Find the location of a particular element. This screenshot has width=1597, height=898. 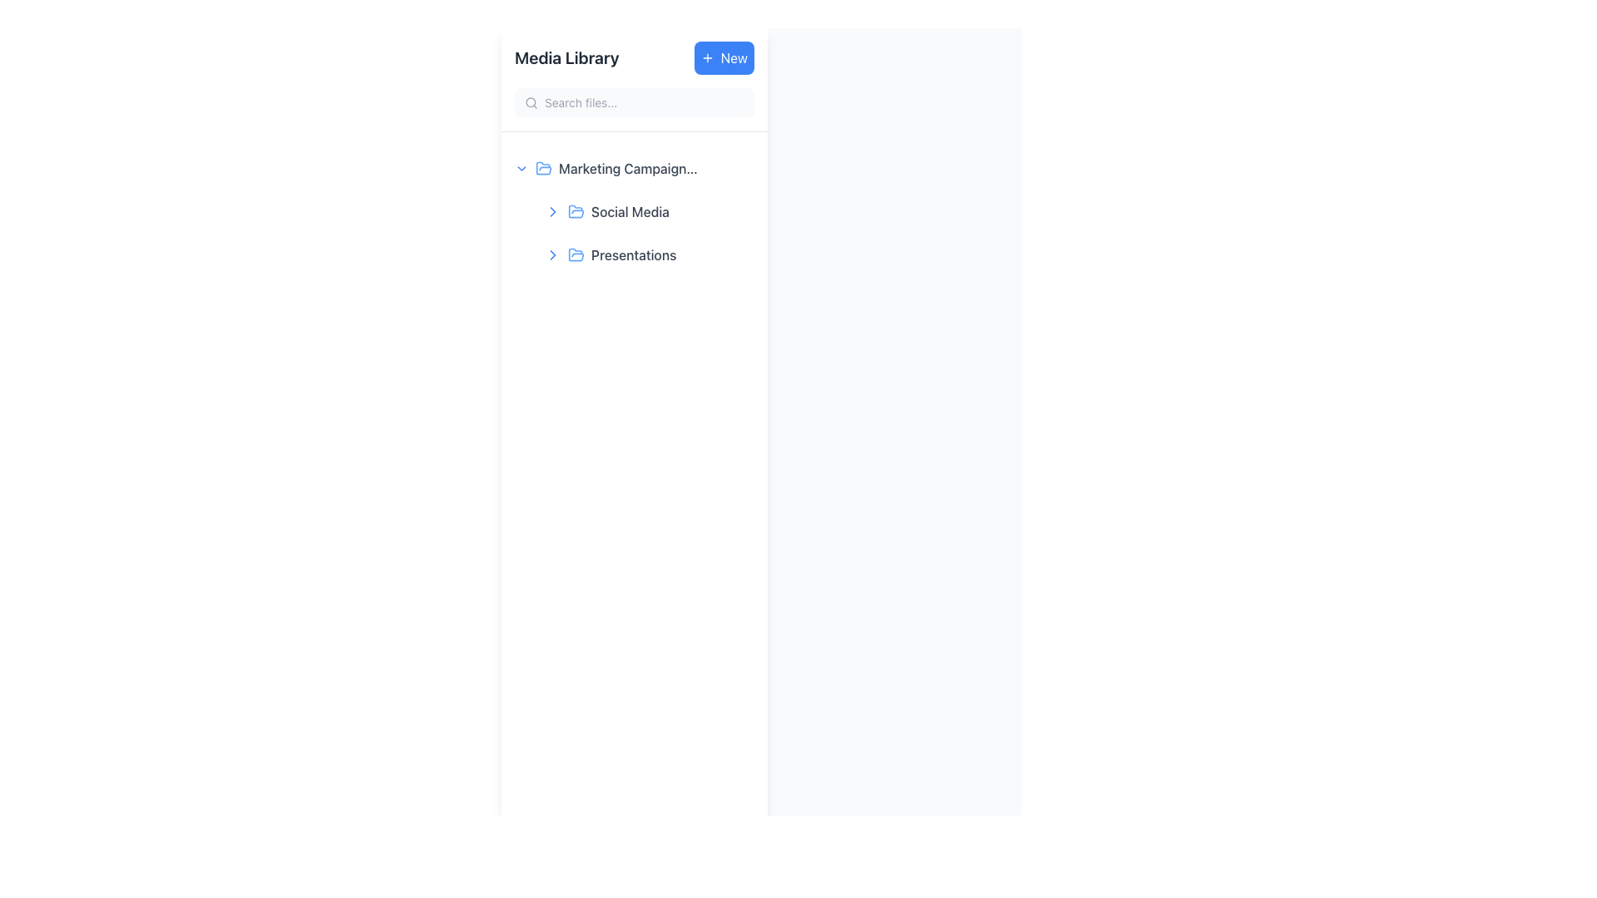

the downward-facing chevron icon button styled as a thin, blue outline located next to the 'Social Media' text label is located at coordinates (553, 210).